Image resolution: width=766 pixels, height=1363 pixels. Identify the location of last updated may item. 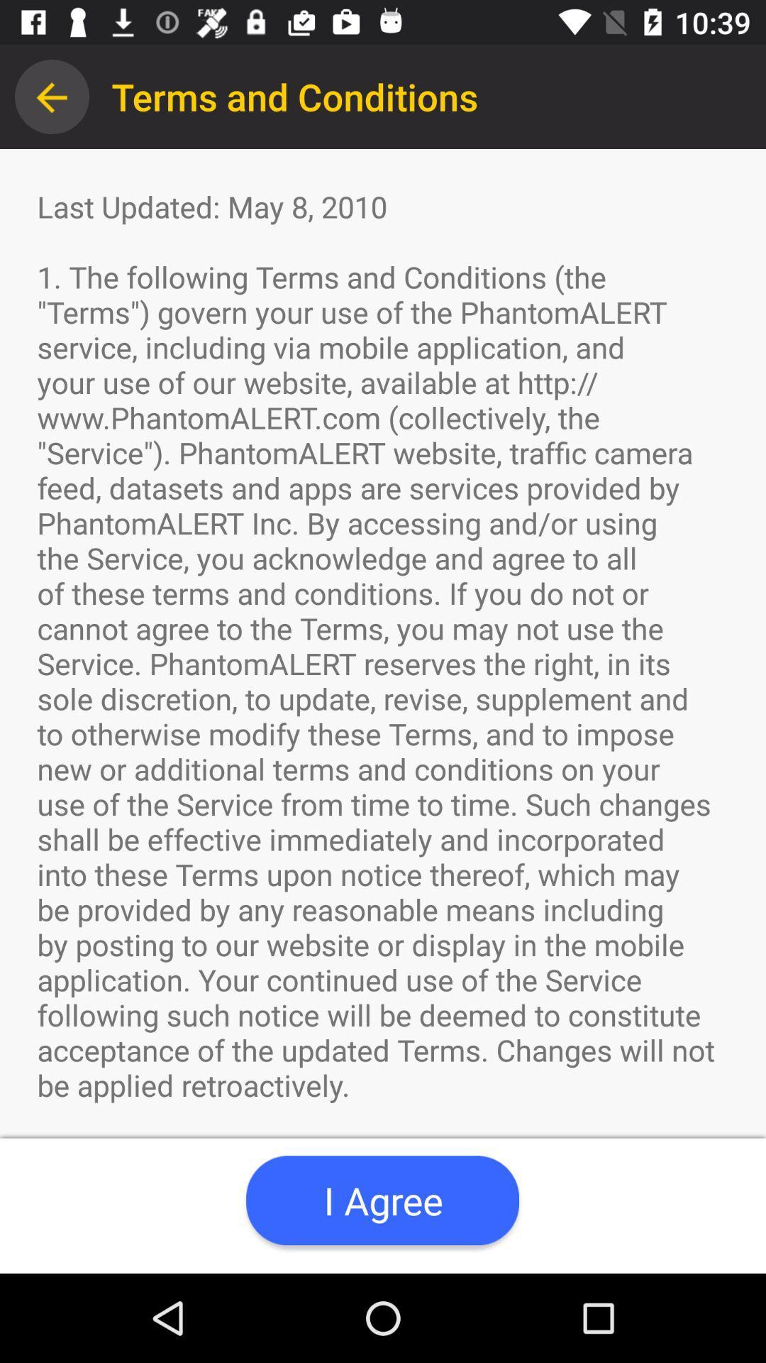
(383, 711).